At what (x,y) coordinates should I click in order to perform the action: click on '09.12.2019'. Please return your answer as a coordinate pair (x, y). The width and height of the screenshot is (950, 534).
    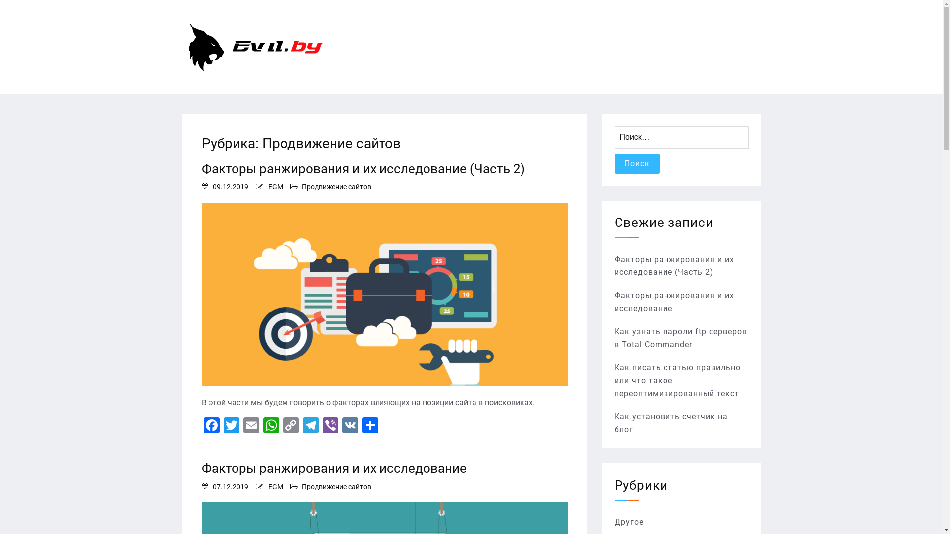
    Looking at the image, I should click on (212, 187).